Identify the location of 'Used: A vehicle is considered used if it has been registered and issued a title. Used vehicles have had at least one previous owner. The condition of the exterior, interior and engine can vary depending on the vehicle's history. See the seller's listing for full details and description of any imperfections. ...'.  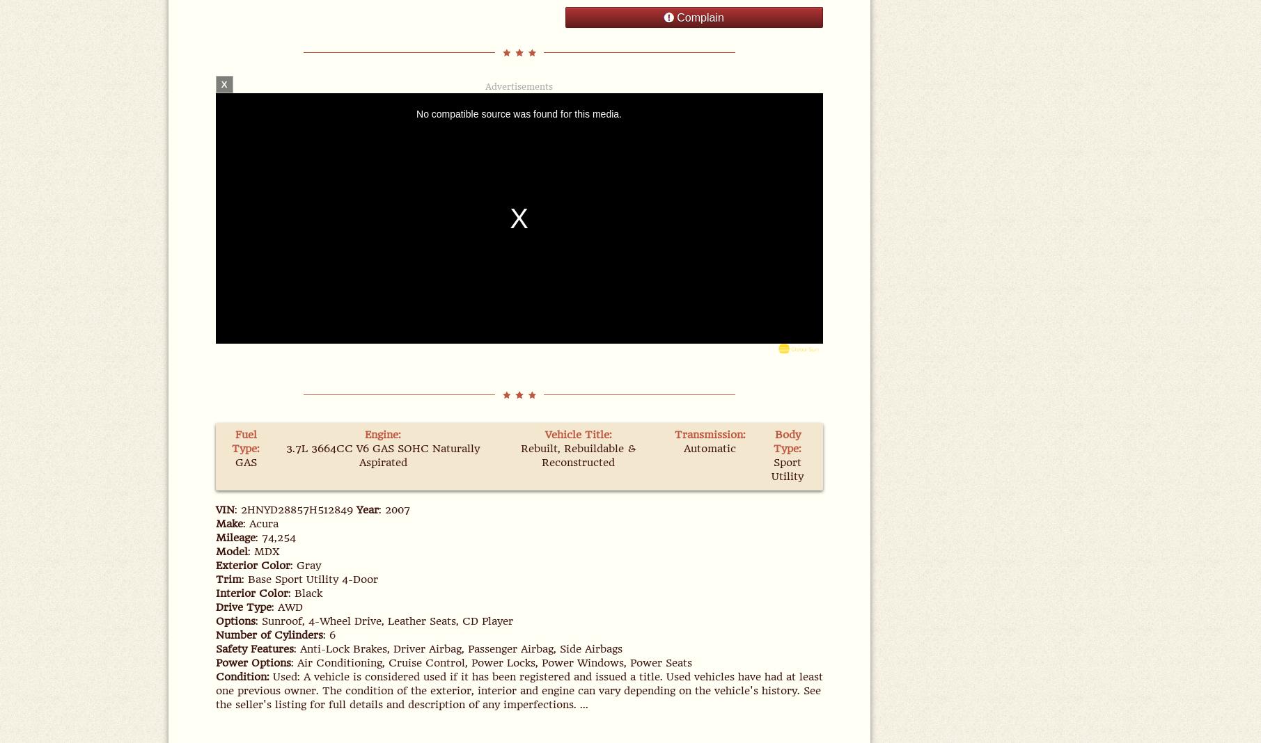
(214, 691).